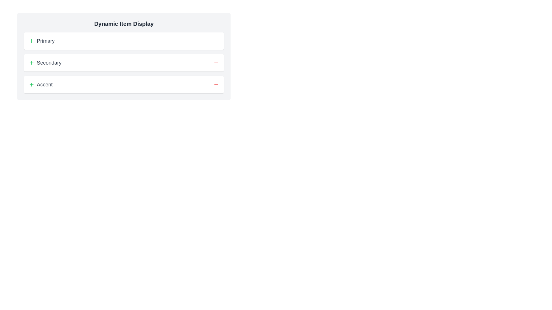 Image resolution: width=552 pixels, height=310 pixels. Describe the element at coordinates (216, 63) in the screenshot. I see `the red minus icon button located at the far right of the 'Secondary' section for interaction feedback` at that location.